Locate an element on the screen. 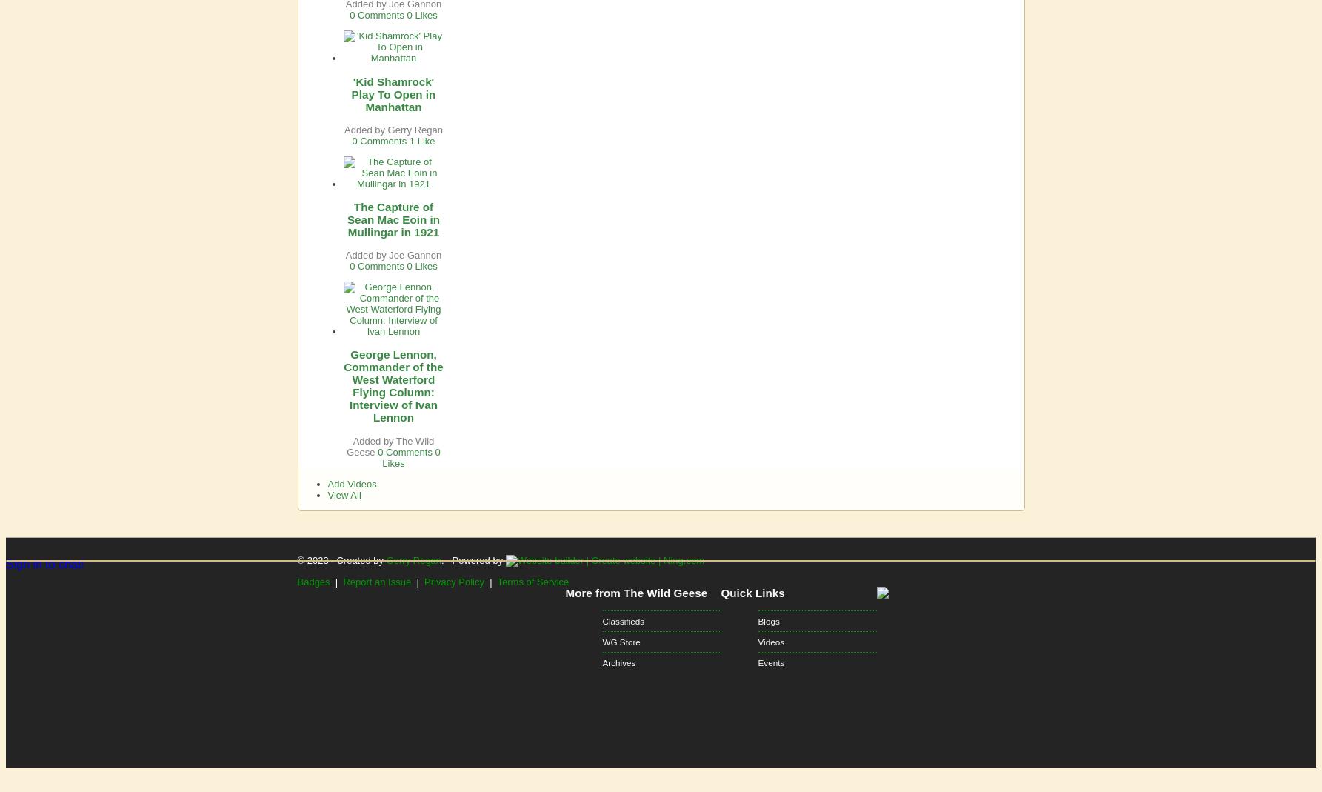 Image resolution: width=1322 pixels, height=792 pixels. '.             
    Powered by' is located at coordinates (472, 559).